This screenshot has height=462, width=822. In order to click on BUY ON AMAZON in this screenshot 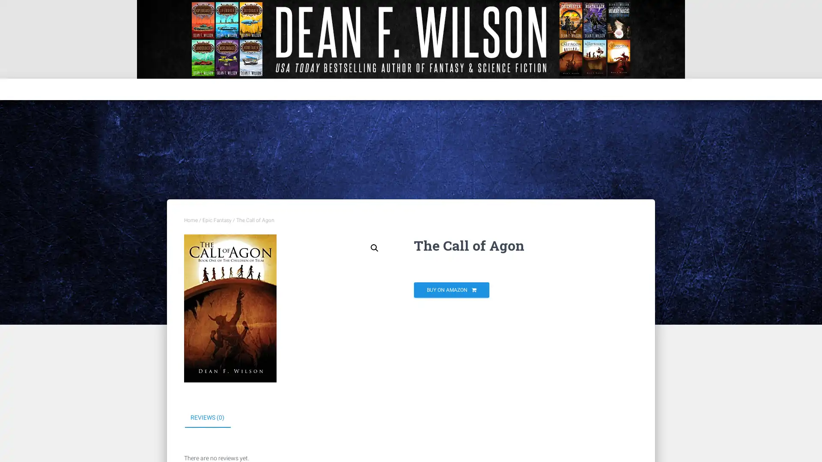, I will do `click(451, 290)`.